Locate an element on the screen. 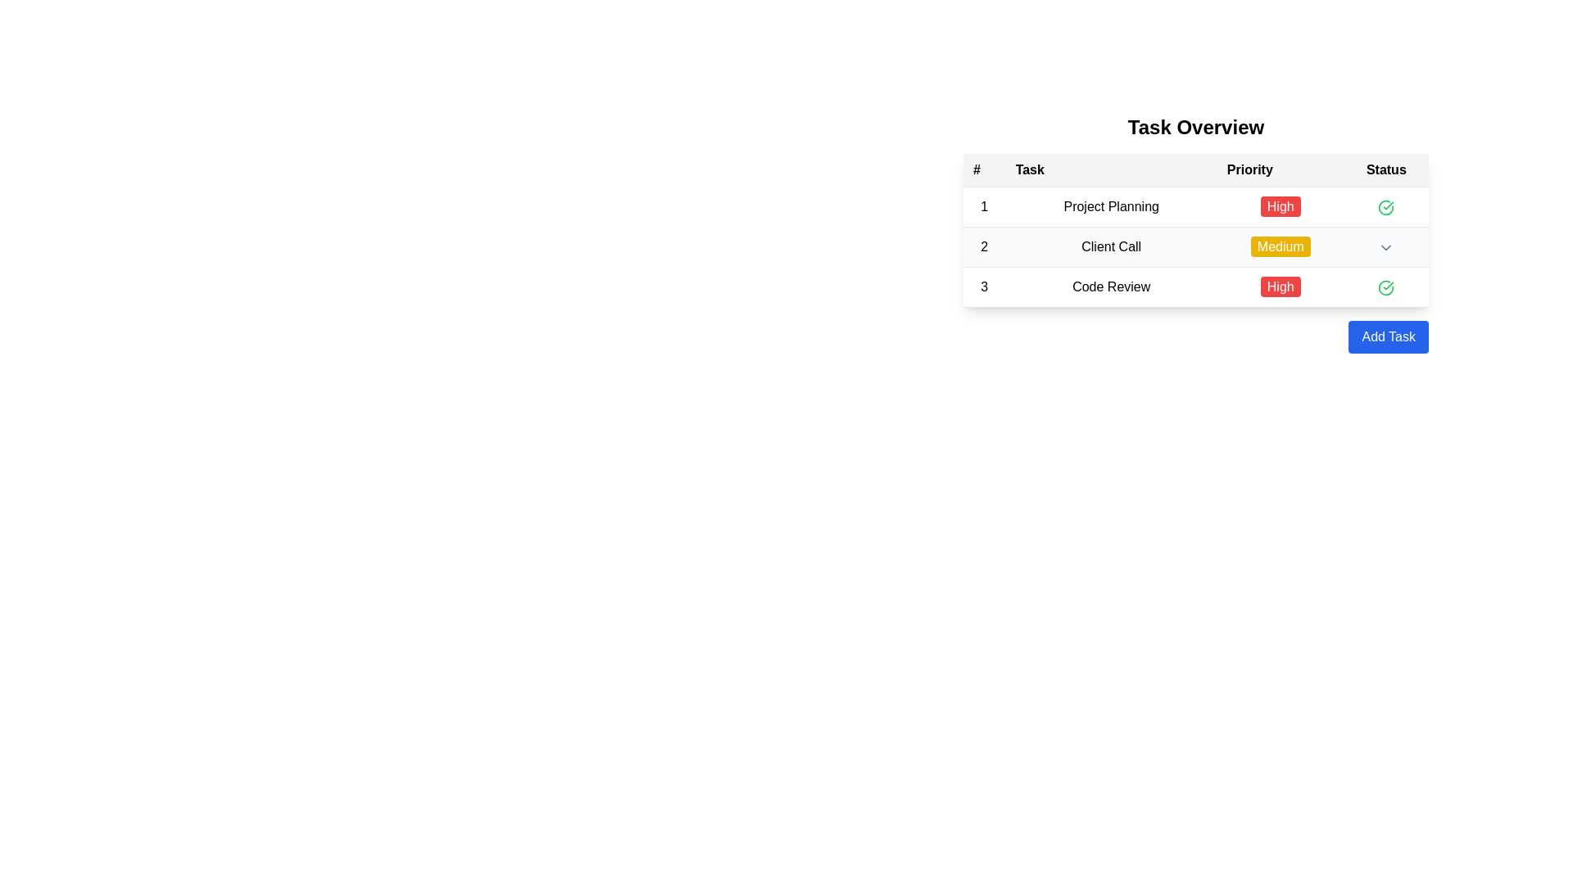  the green checkmark icon in the 'Status' column that indicates the completion status of the 'Code Review' task is located at coordinates (1385, 286).